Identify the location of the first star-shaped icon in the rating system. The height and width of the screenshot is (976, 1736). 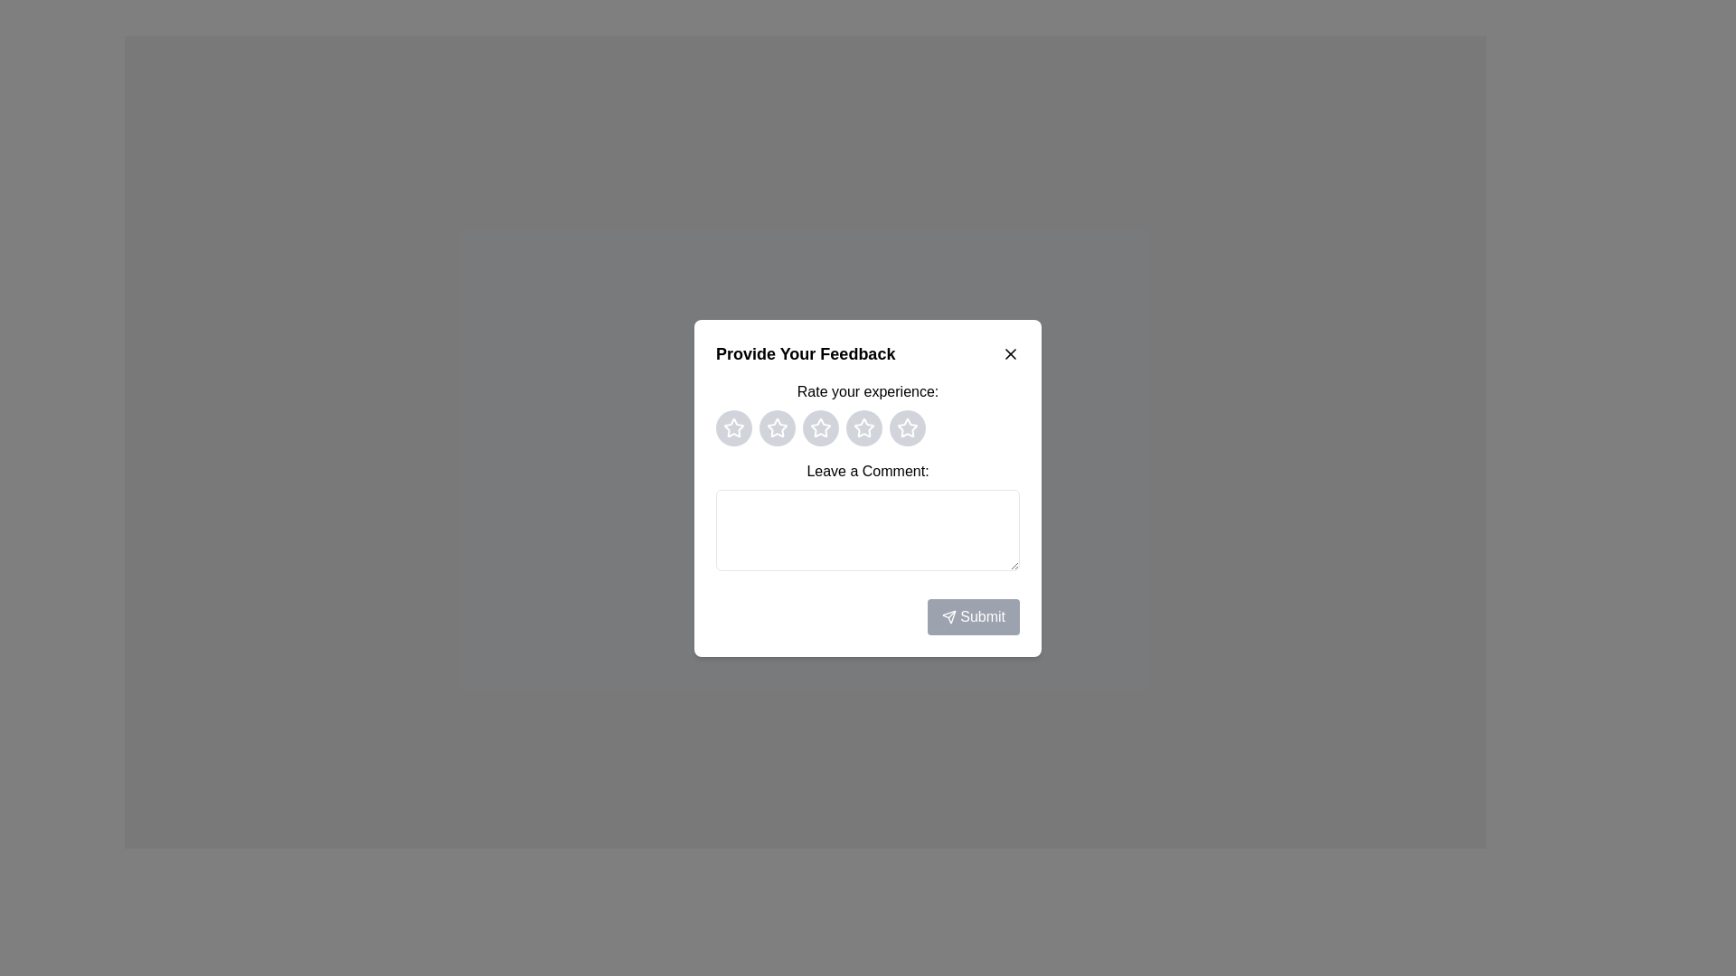
(777, 427).